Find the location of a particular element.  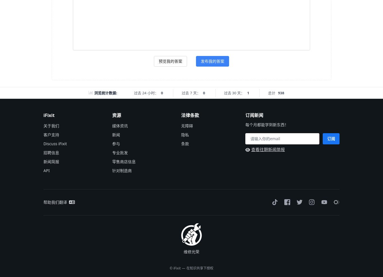

'过去 7 天：' is located at coordinates (190, 93).